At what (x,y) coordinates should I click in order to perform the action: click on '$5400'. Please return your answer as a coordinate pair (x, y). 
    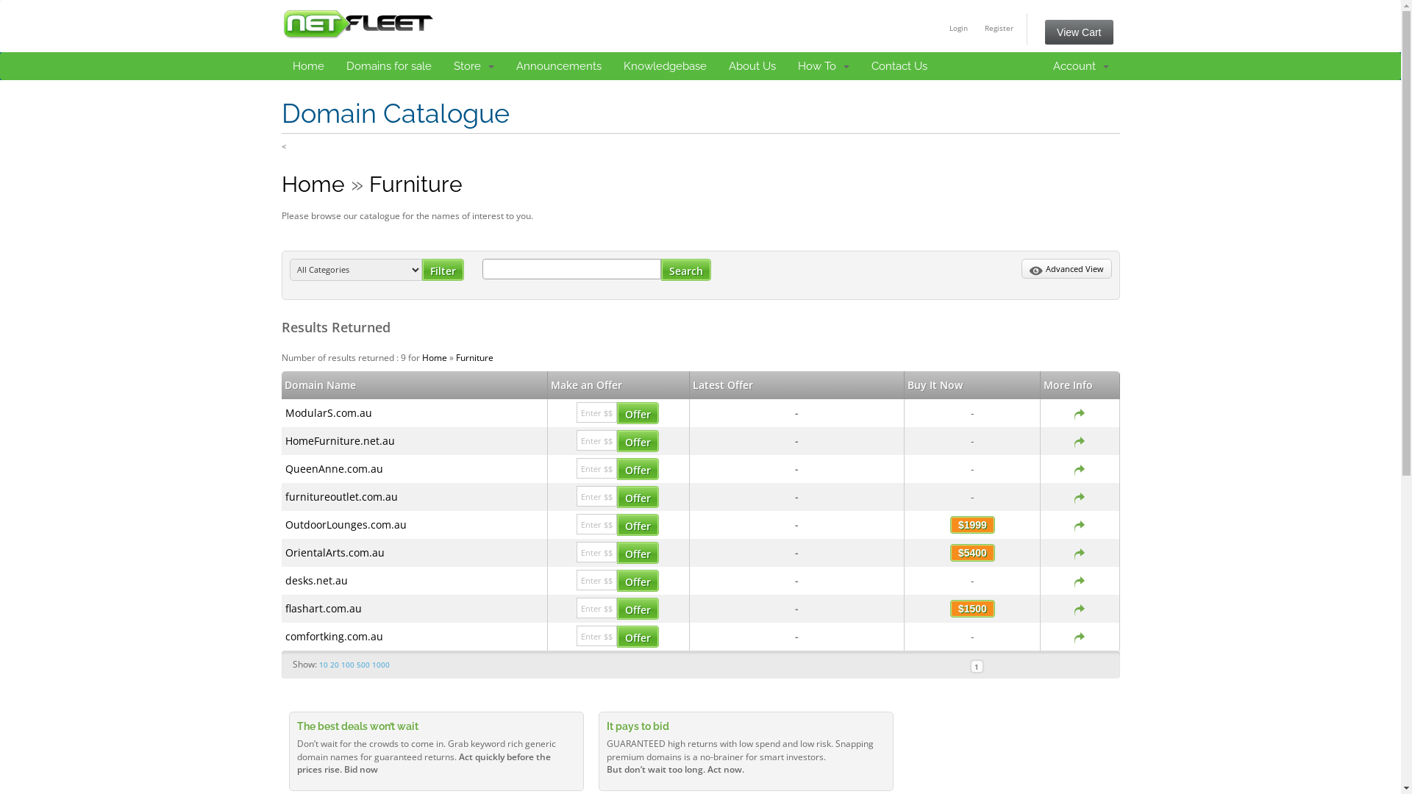
    Looking at the image, I should click on (972, 553).